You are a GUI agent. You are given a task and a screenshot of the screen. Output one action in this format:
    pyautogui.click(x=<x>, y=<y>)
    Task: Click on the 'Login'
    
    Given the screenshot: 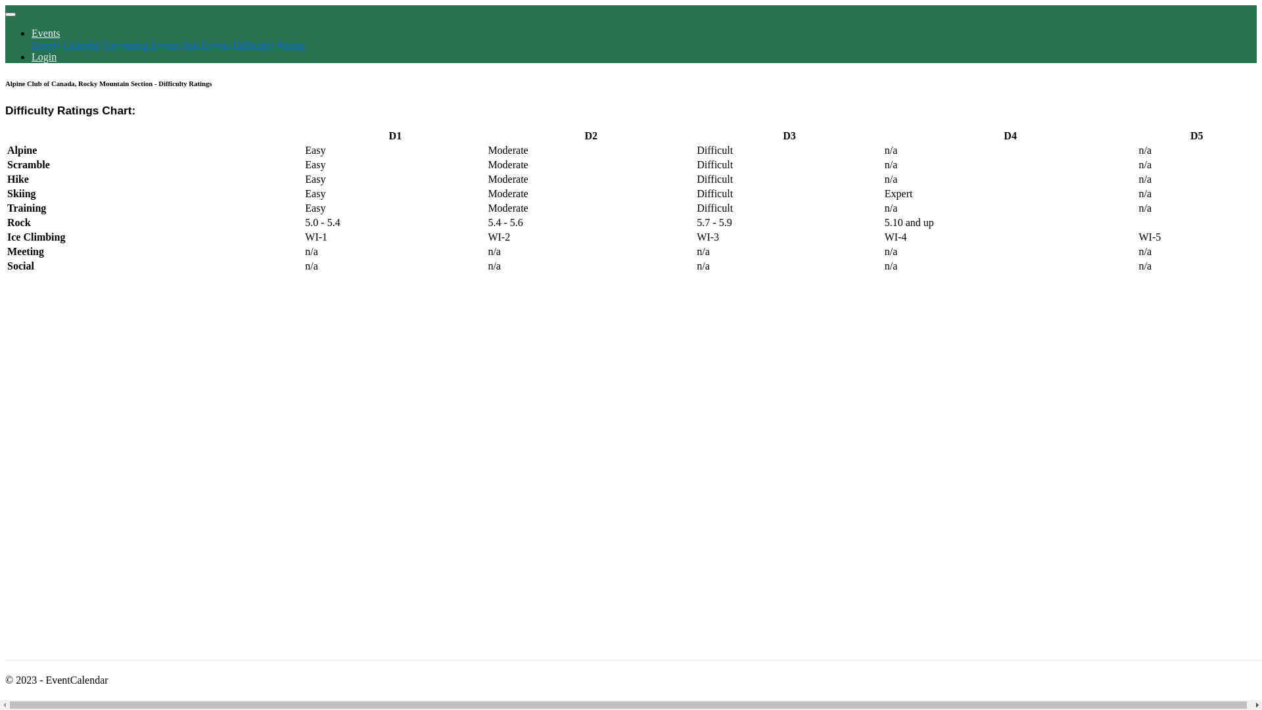 What is the action you would take?
    pyautogui.click(x=44, y=56)
    